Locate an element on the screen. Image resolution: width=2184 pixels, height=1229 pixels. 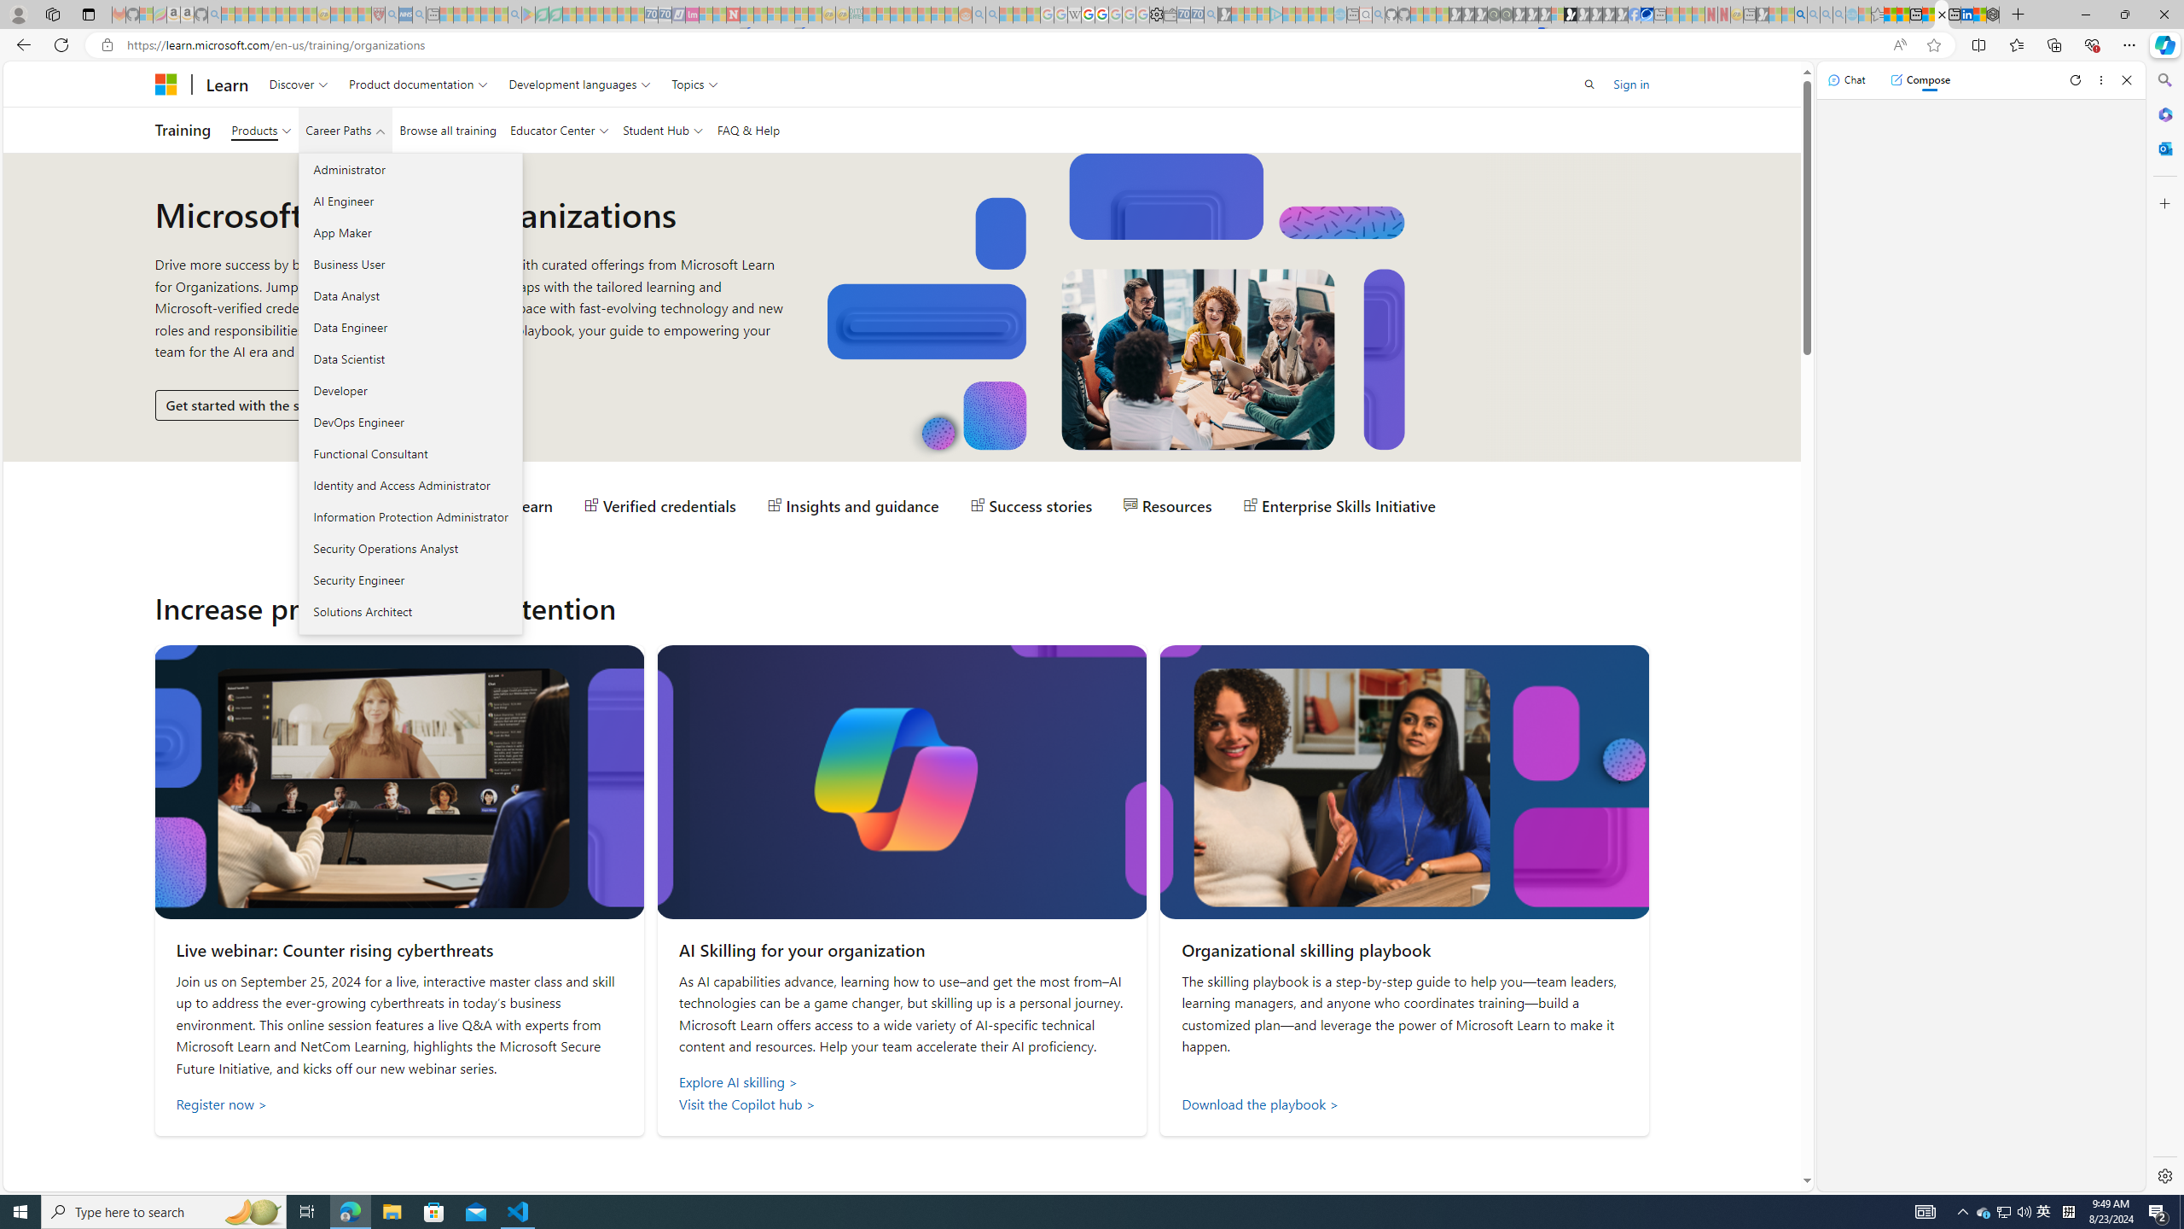
'Solutions Architect' is located at coordinates (410, 611).